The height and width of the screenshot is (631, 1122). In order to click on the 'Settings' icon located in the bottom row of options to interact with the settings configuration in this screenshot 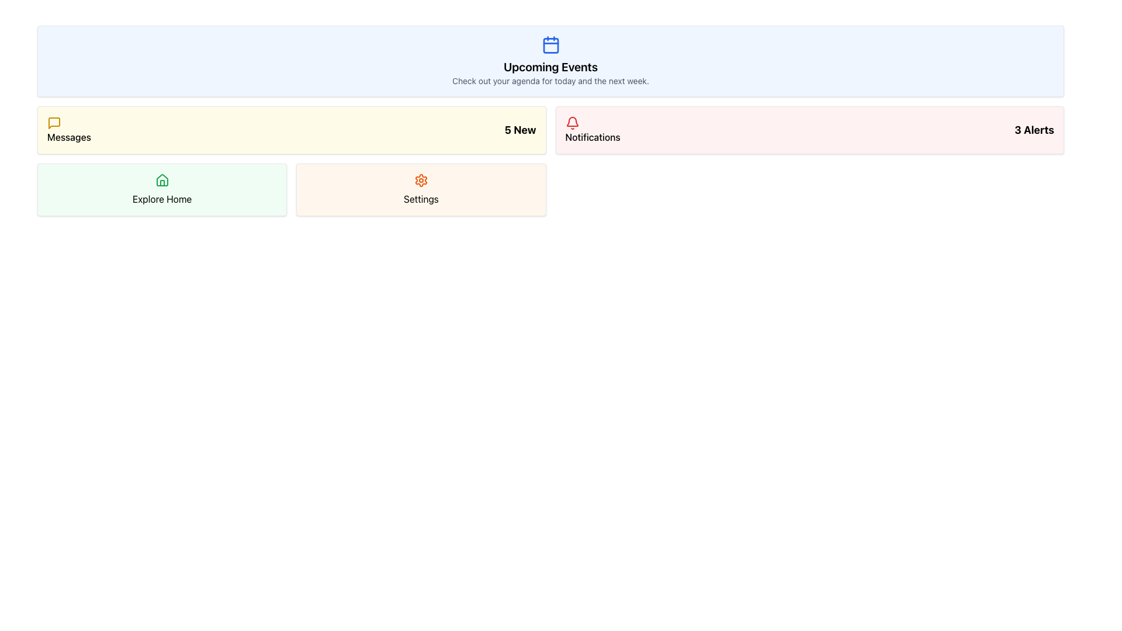, I will do `click(421, 180)`.